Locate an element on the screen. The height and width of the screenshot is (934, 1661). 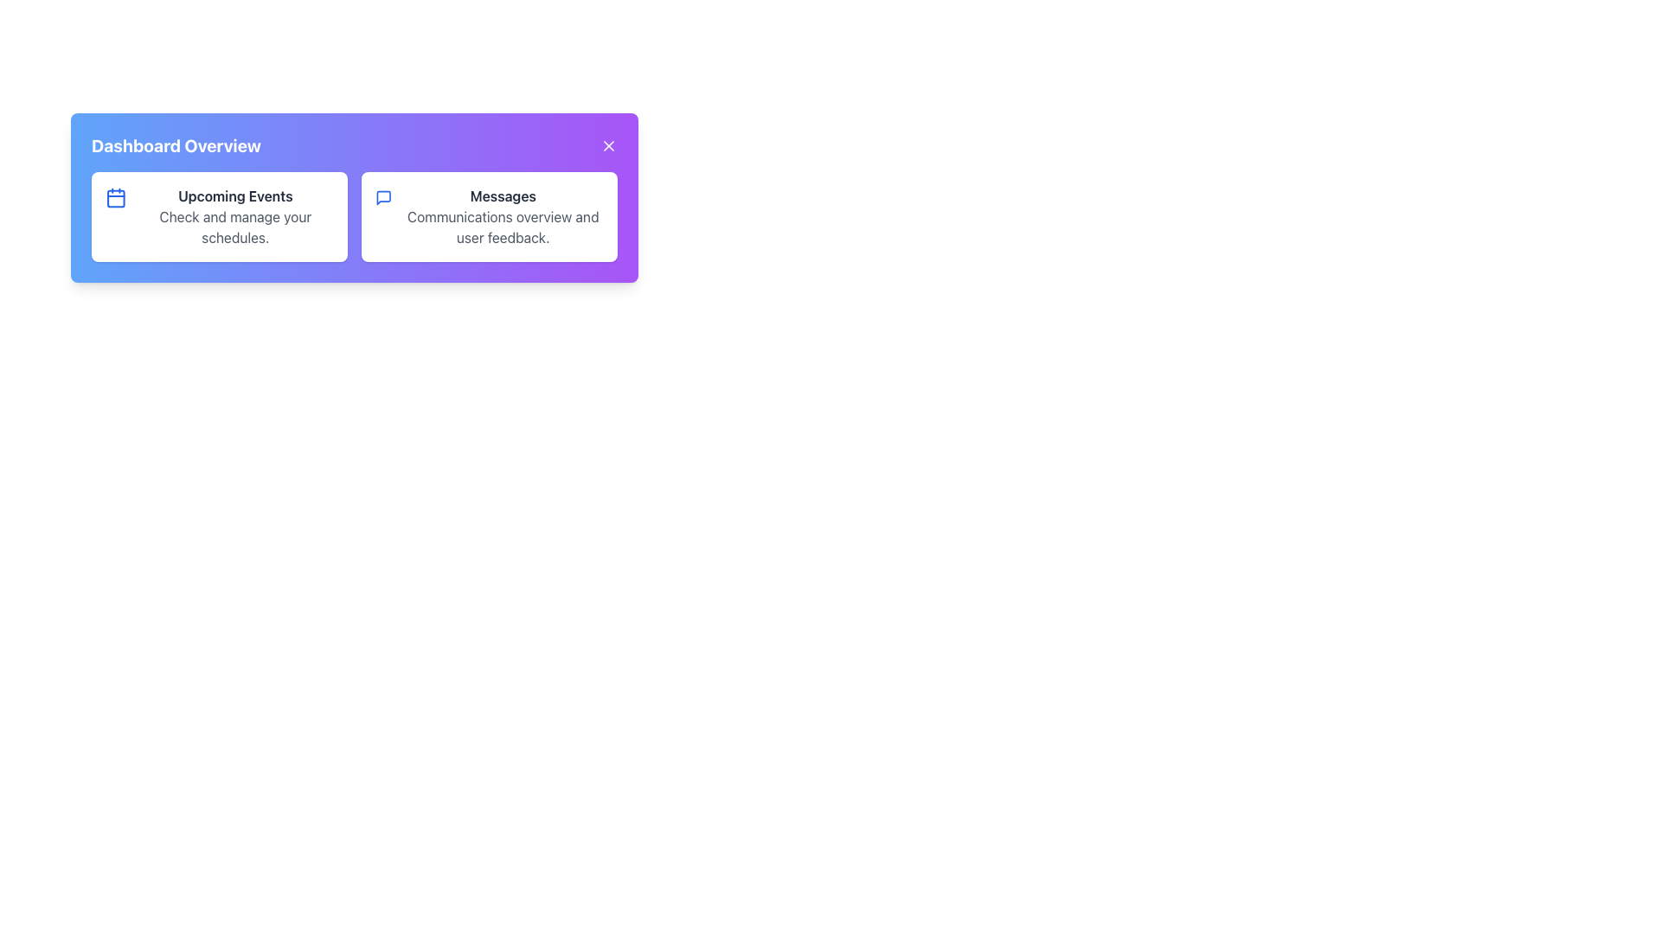
the text label displaying 'Communications overview and user feedback.' which is styled in gray and located below the 'Messages' title in the second card of the dashboard interface is located at coordinates (502, 226).